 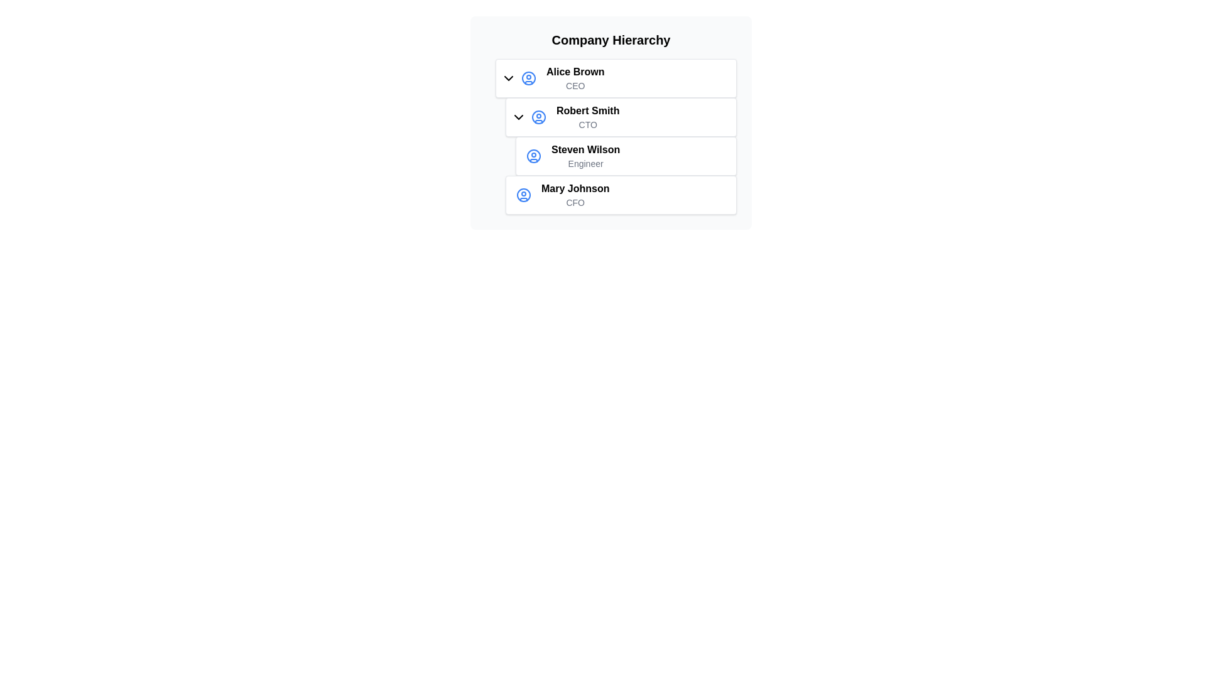 I want to click on the fourth list item labeled 'Mary Johnson - CFO', so click(x=621, y=195).